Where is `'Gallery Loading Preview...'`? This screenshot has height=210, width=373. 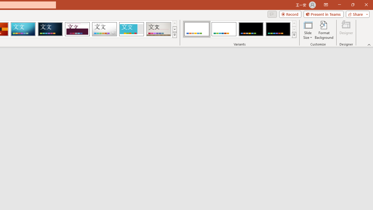 'Gallery Loading Preview...' is located at coordinates (159, 29).